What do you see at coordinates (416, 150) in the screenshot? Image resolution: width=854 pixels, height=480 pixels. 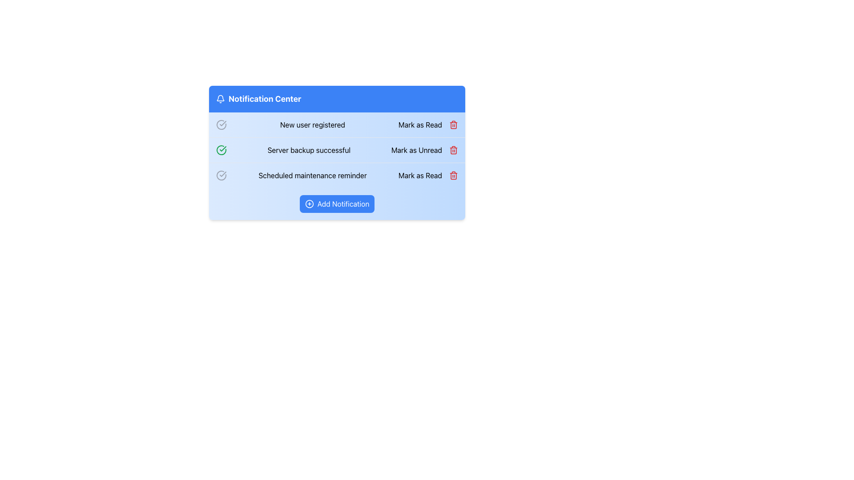 I see `the 'Mark as Unread' button located at the far-right end of the 'Server backup successful' notification block` at bounding box center [416, 150].